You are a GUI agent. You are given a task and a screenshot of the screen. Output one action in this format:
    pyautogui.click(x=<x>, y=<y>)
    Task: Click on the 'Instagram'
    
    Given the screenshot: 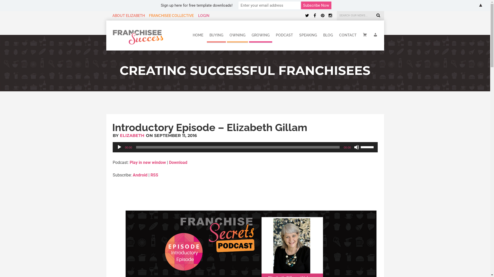 What is the action you would take?
    pyautogui.click(x=330, y=15)
    